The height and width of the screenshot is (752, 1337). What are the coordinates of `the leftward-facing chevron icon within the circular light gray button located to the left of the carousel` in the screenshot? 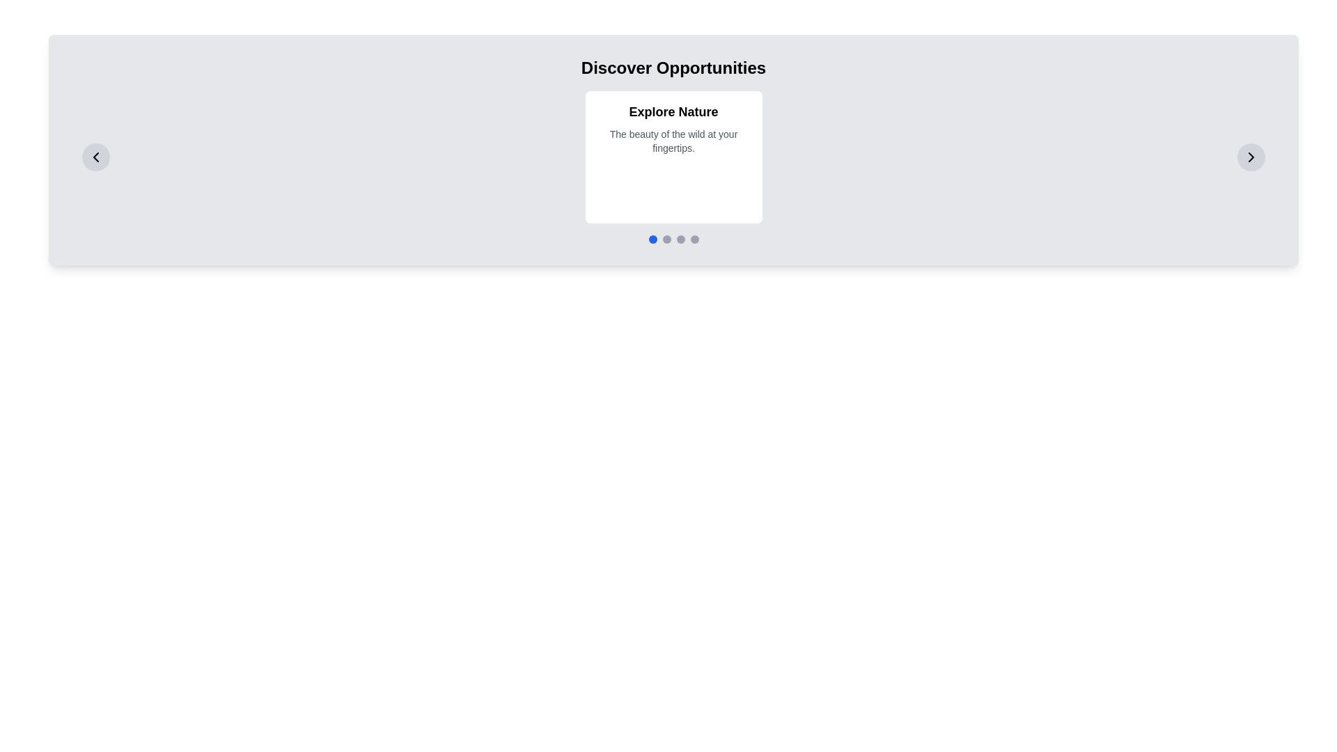 It's located at (95, 157).